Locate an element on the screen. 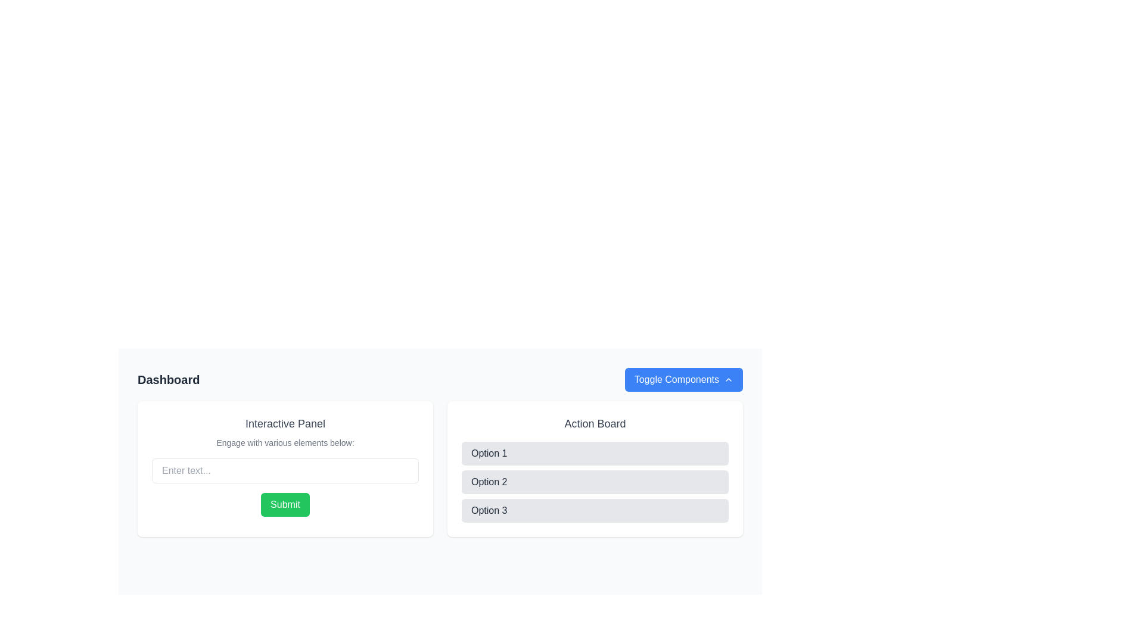 Image resolution: width=1144 pixels, height=643 pixels. instruction from the non-interactive text label located directly below the header 'Interactive Panel' and above the text input field is located at coordinates (285, 443).